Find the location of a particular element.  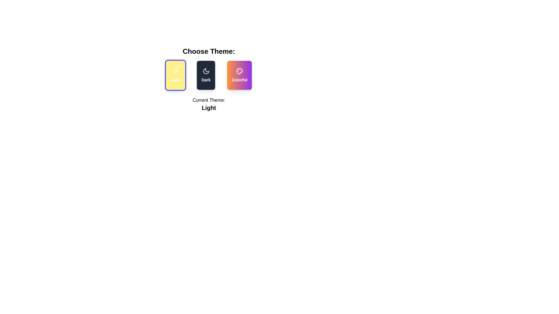

the theme button for Light theme to observe the hover effect is located at coordinates (175, 75).